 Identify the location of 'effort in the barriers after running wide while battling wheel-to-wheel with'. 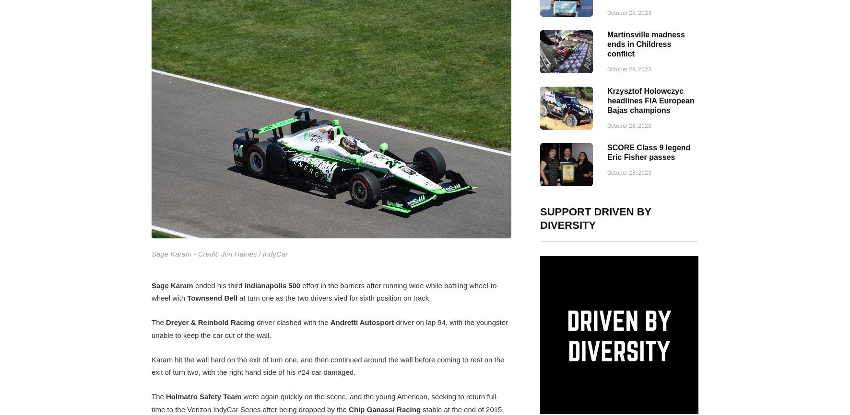
(324, 291).